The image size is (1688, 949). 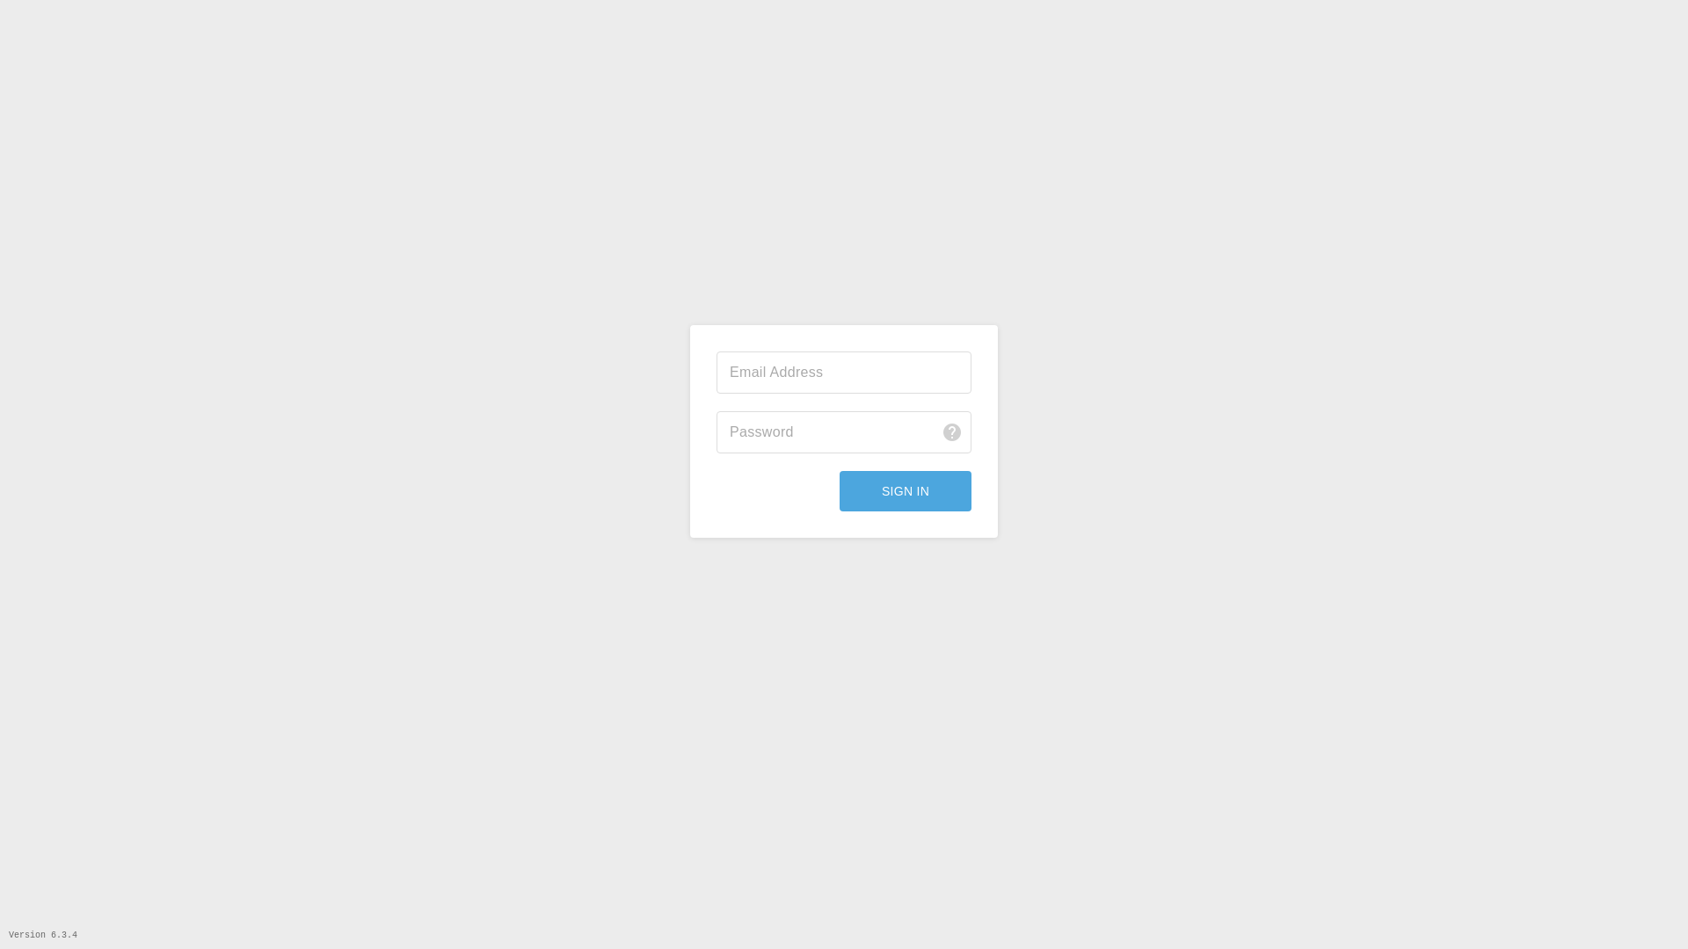 I want to click on 'SIGN IN', so click(x=839, y=491).